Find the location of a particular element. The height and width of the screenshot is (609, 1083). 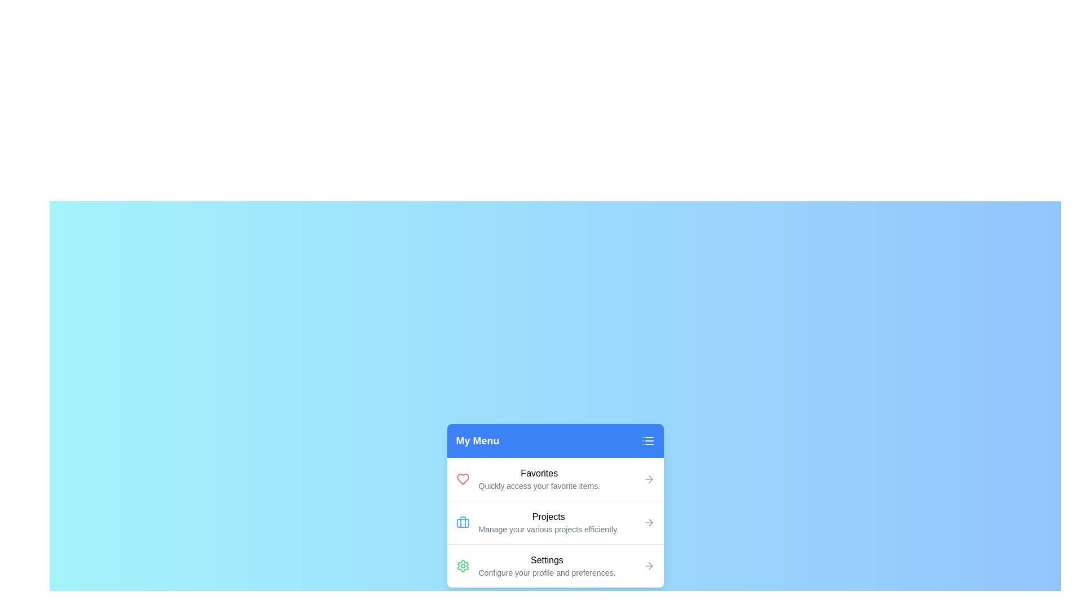

the menu item Favorites is located at coordinates (555, 479).